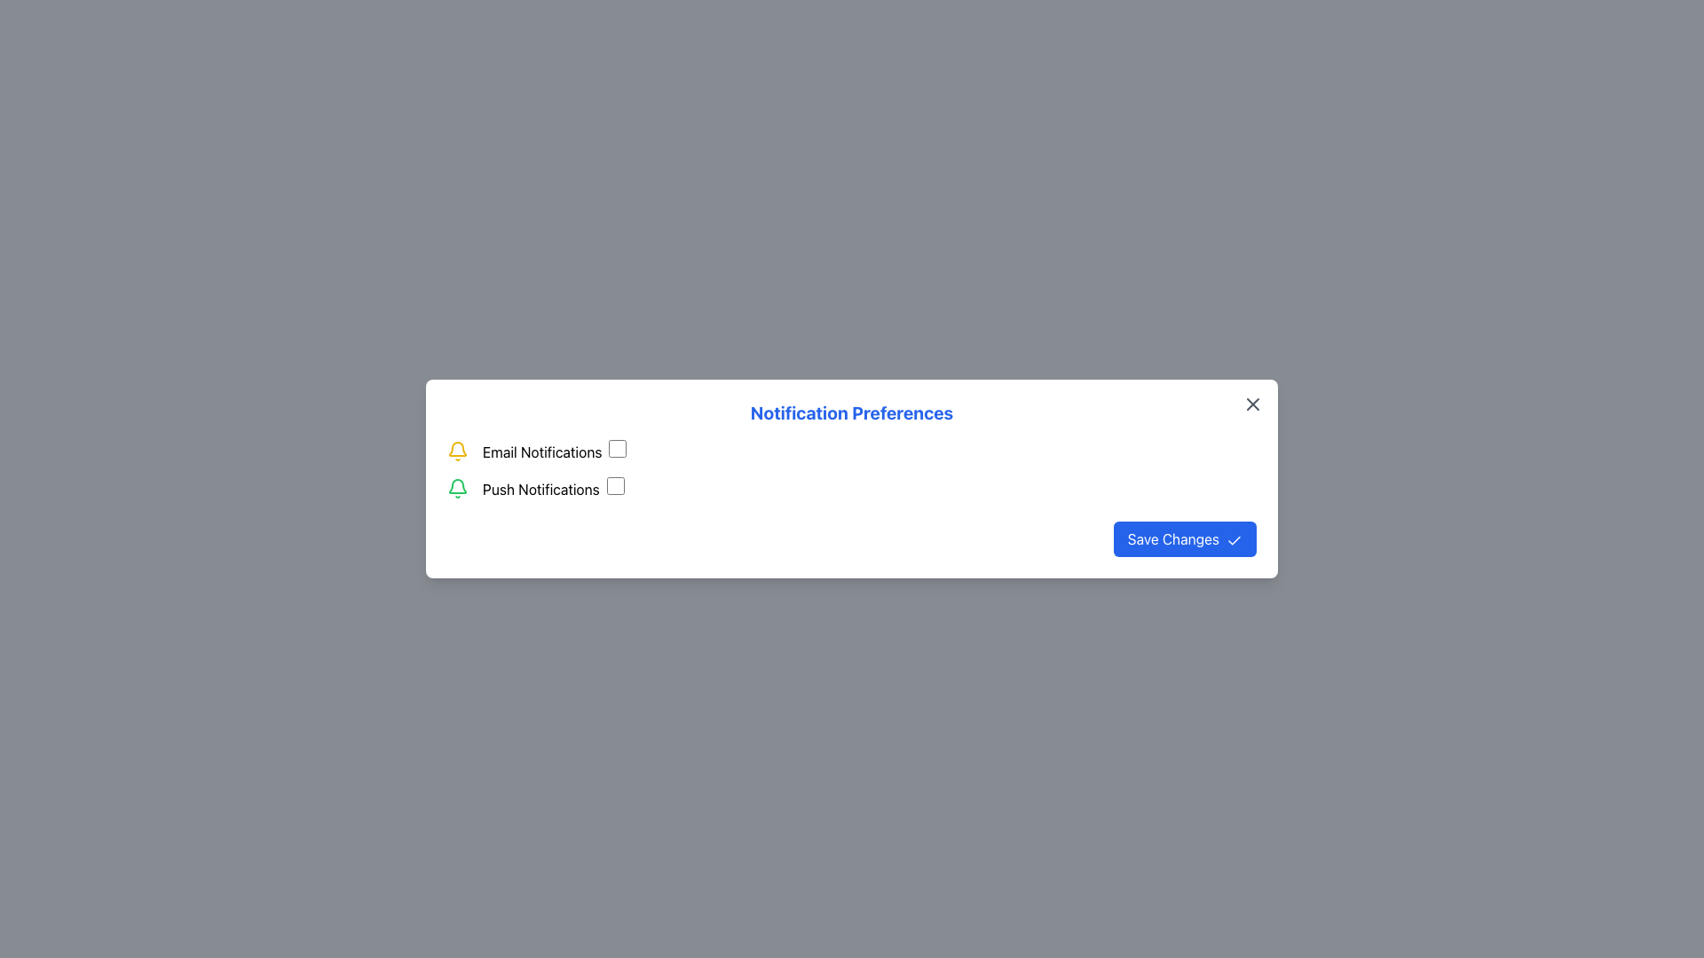  What do you see at coordinates (1251, 404) in the screenshot?
I see `the close button located at the top-right corner of the dialog box` at bounding box center [1251, 404].